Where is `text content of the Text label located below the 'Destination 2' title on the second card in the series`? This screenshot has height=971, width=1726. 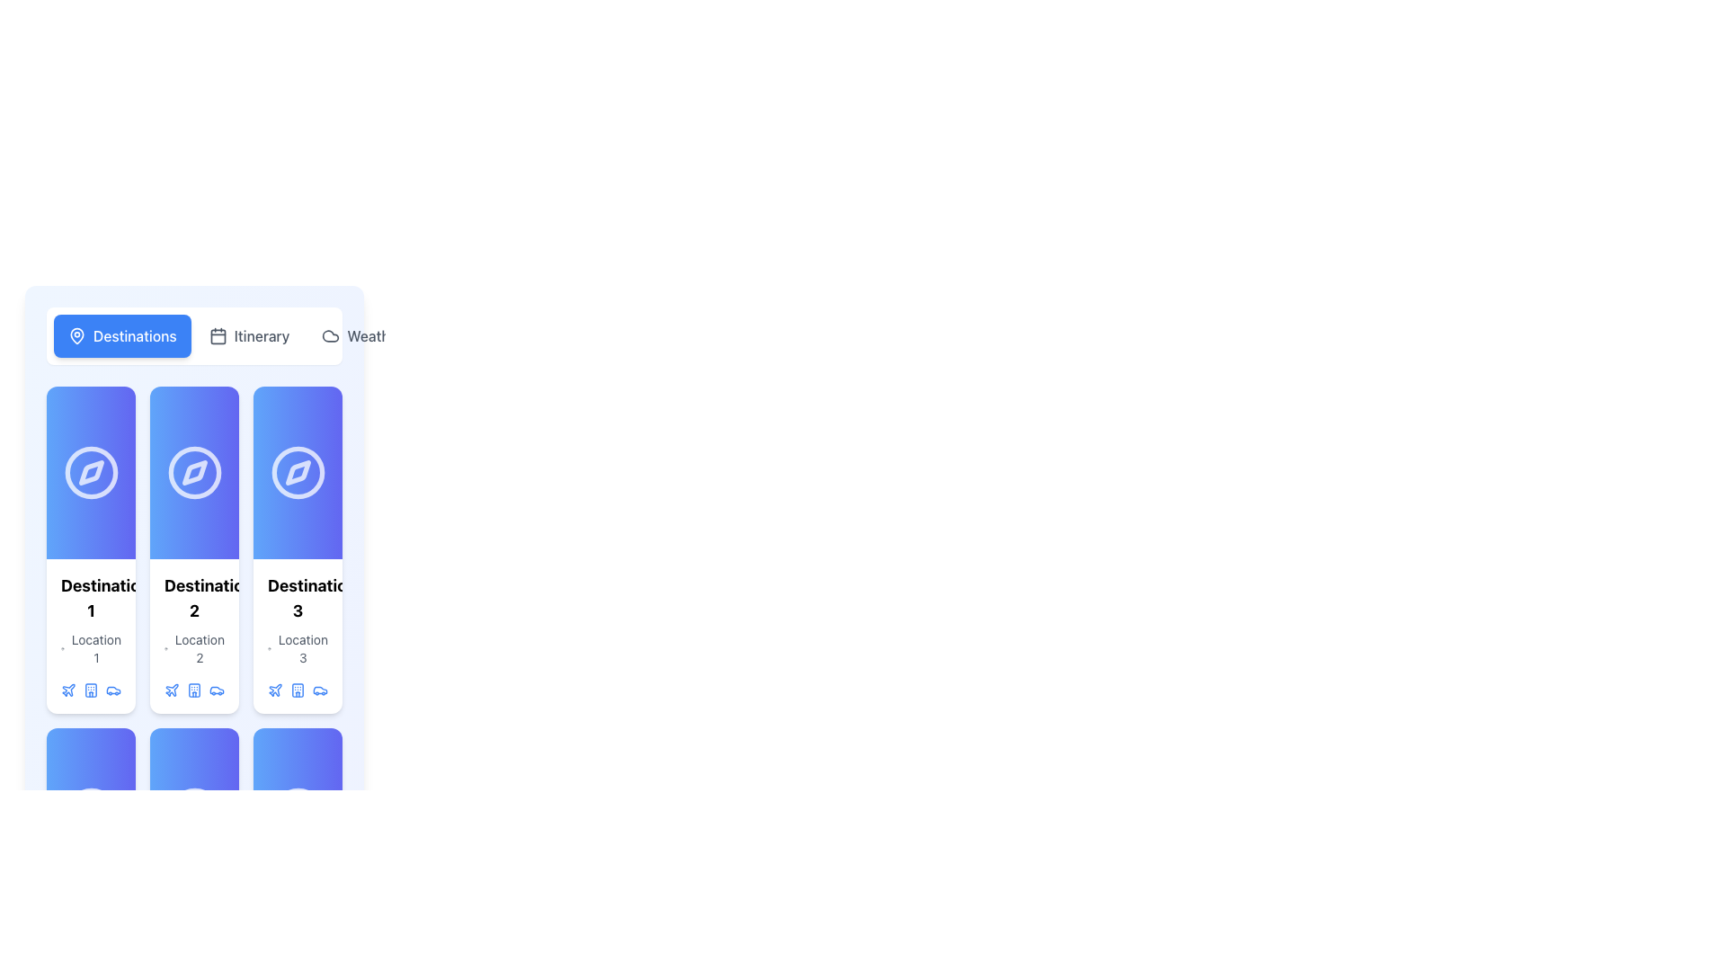
text content of the Text label located below the 'Destination 2' title on the second card in the series is located at coordinates (200, 648).